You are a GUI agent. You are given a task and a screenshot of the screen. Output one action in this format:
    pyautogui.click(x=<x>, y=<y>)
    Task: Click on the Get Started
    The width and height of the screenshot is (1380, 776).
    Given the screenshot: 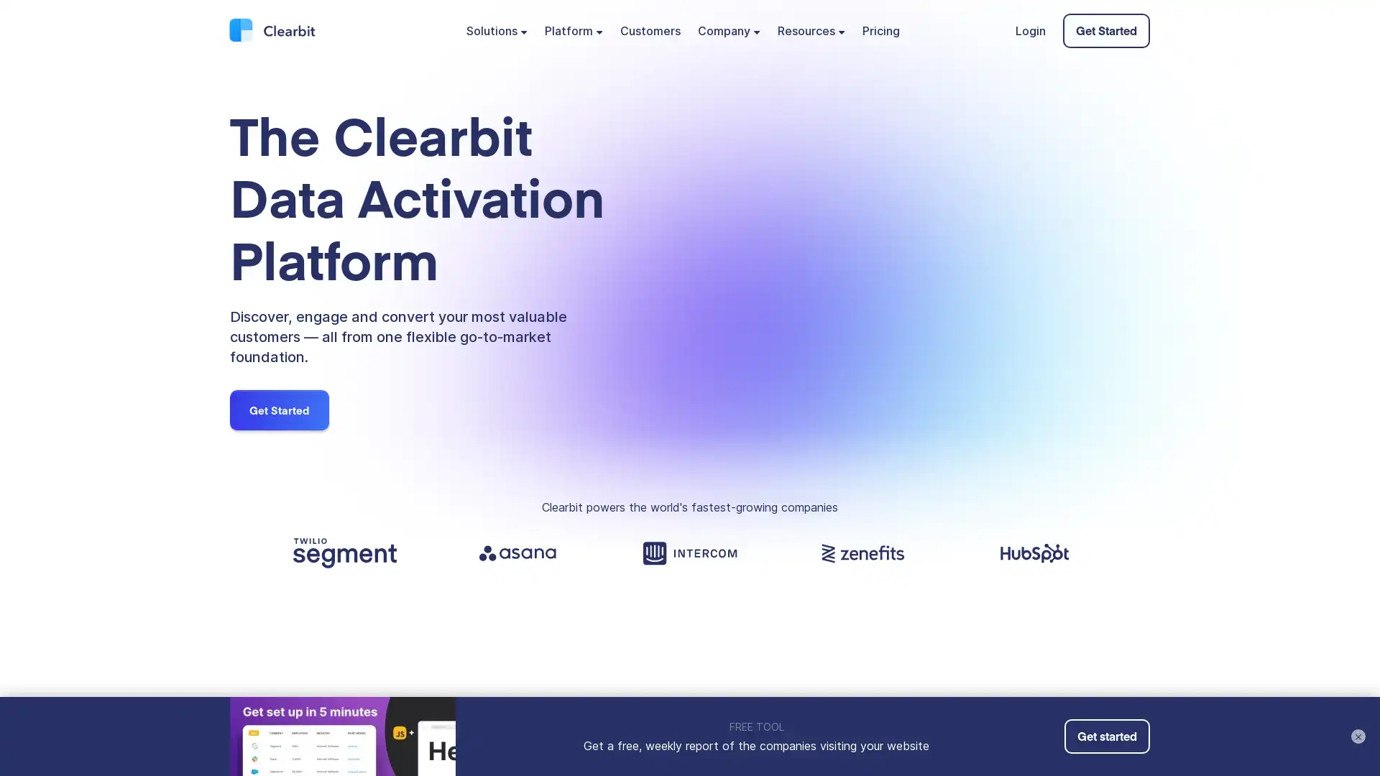 What is the action you would take?
    pyautogui.click(x=279, y=410)
    